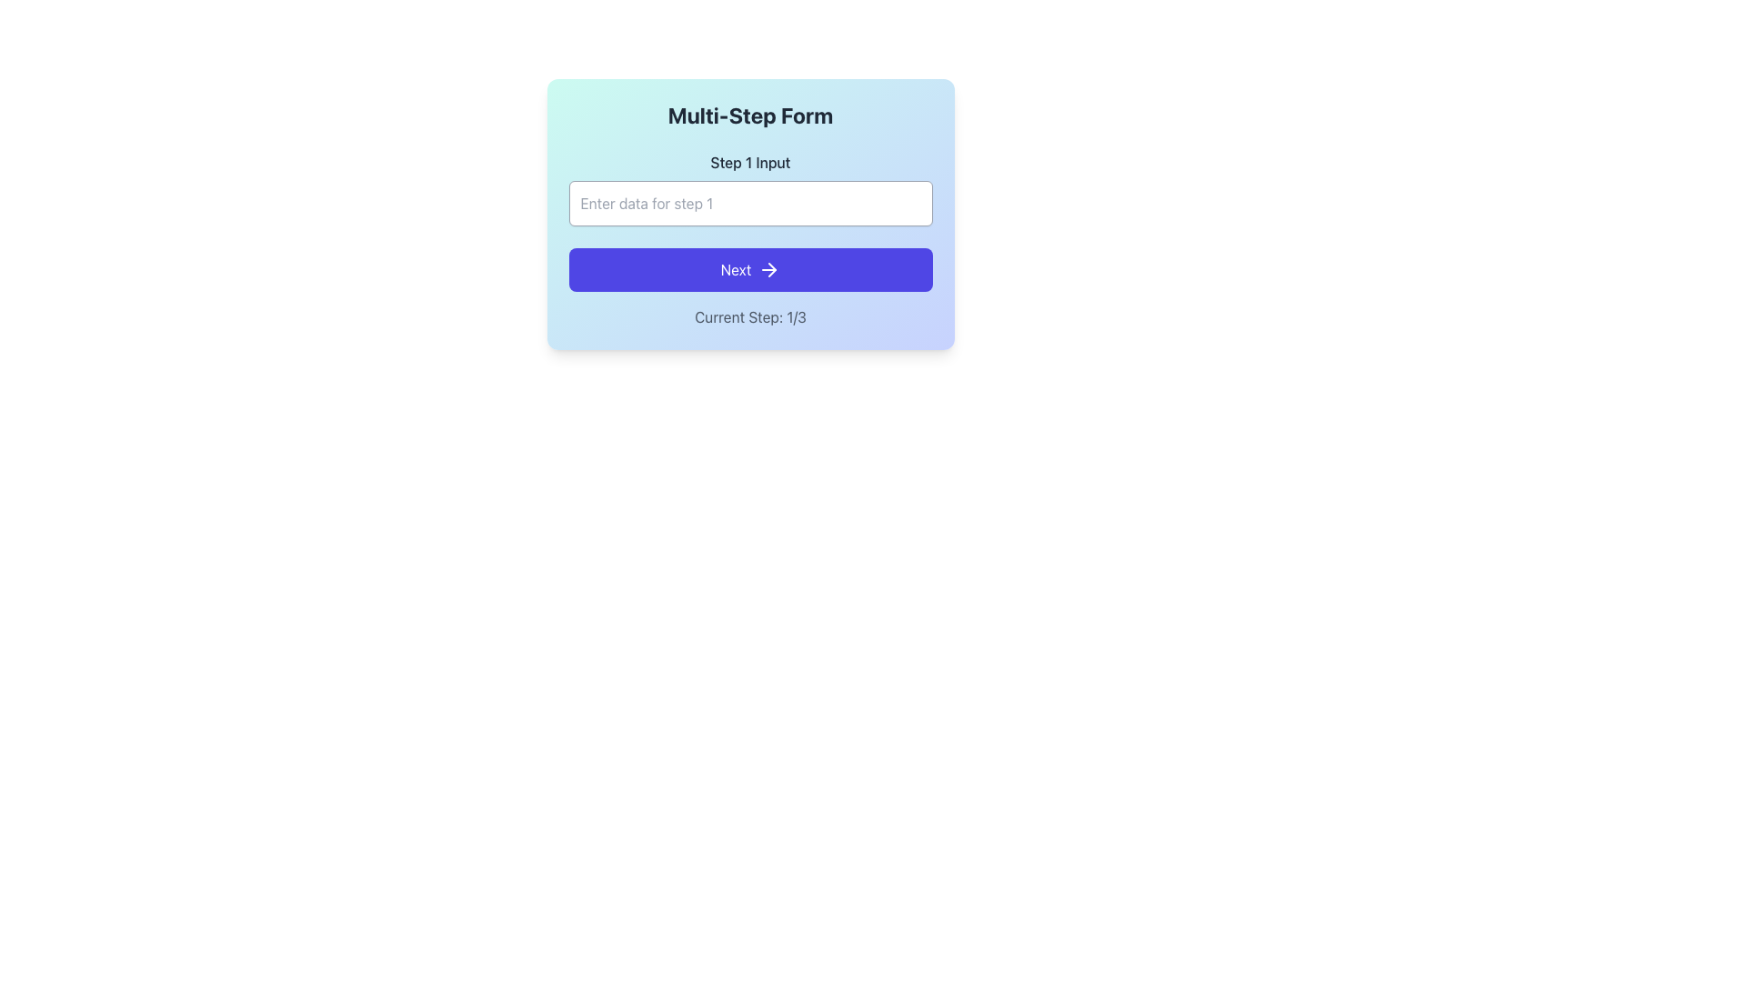 The width and height of the screenshot is (1746, 982). What do you see at coordinates (750, 316) in the screenshot?
I see `text content of the label displaying 'Current Step: 1/3', which is a subtle gray text styled to indicate progress beneath the 'Next' button` at bounding box center [750, 316].